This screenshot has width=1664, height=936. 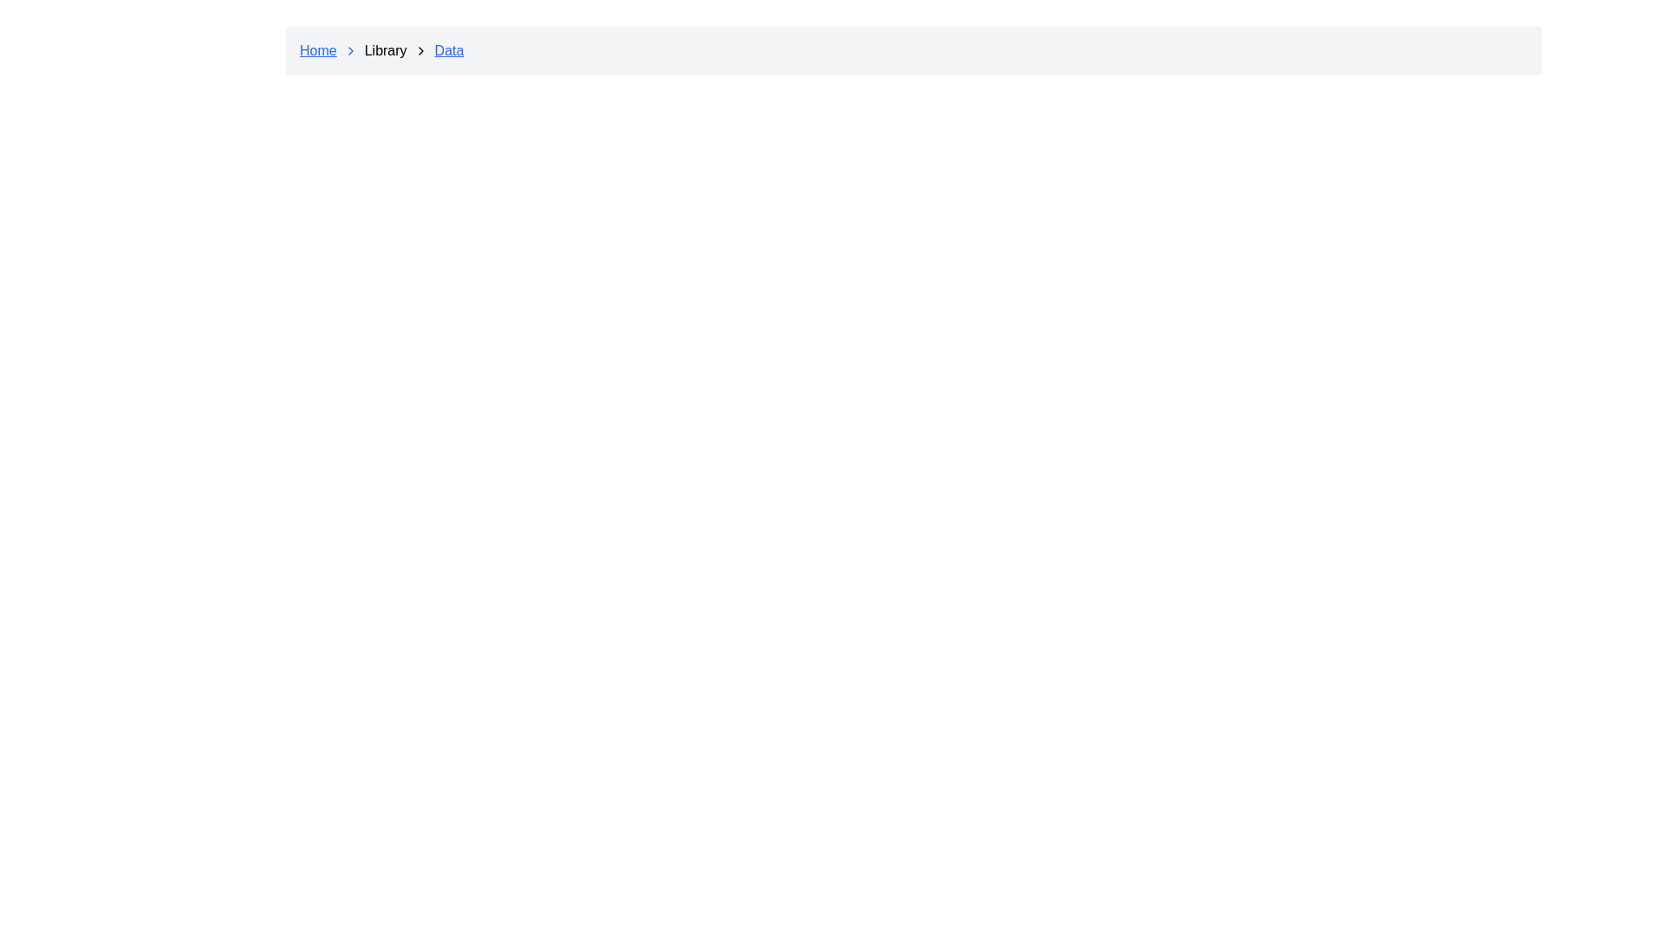 I want to click on the 'Library' breadcrumb navigation label located in the upper left section of the interface, which follows the 'Home' label, so click(x=395, y=49).